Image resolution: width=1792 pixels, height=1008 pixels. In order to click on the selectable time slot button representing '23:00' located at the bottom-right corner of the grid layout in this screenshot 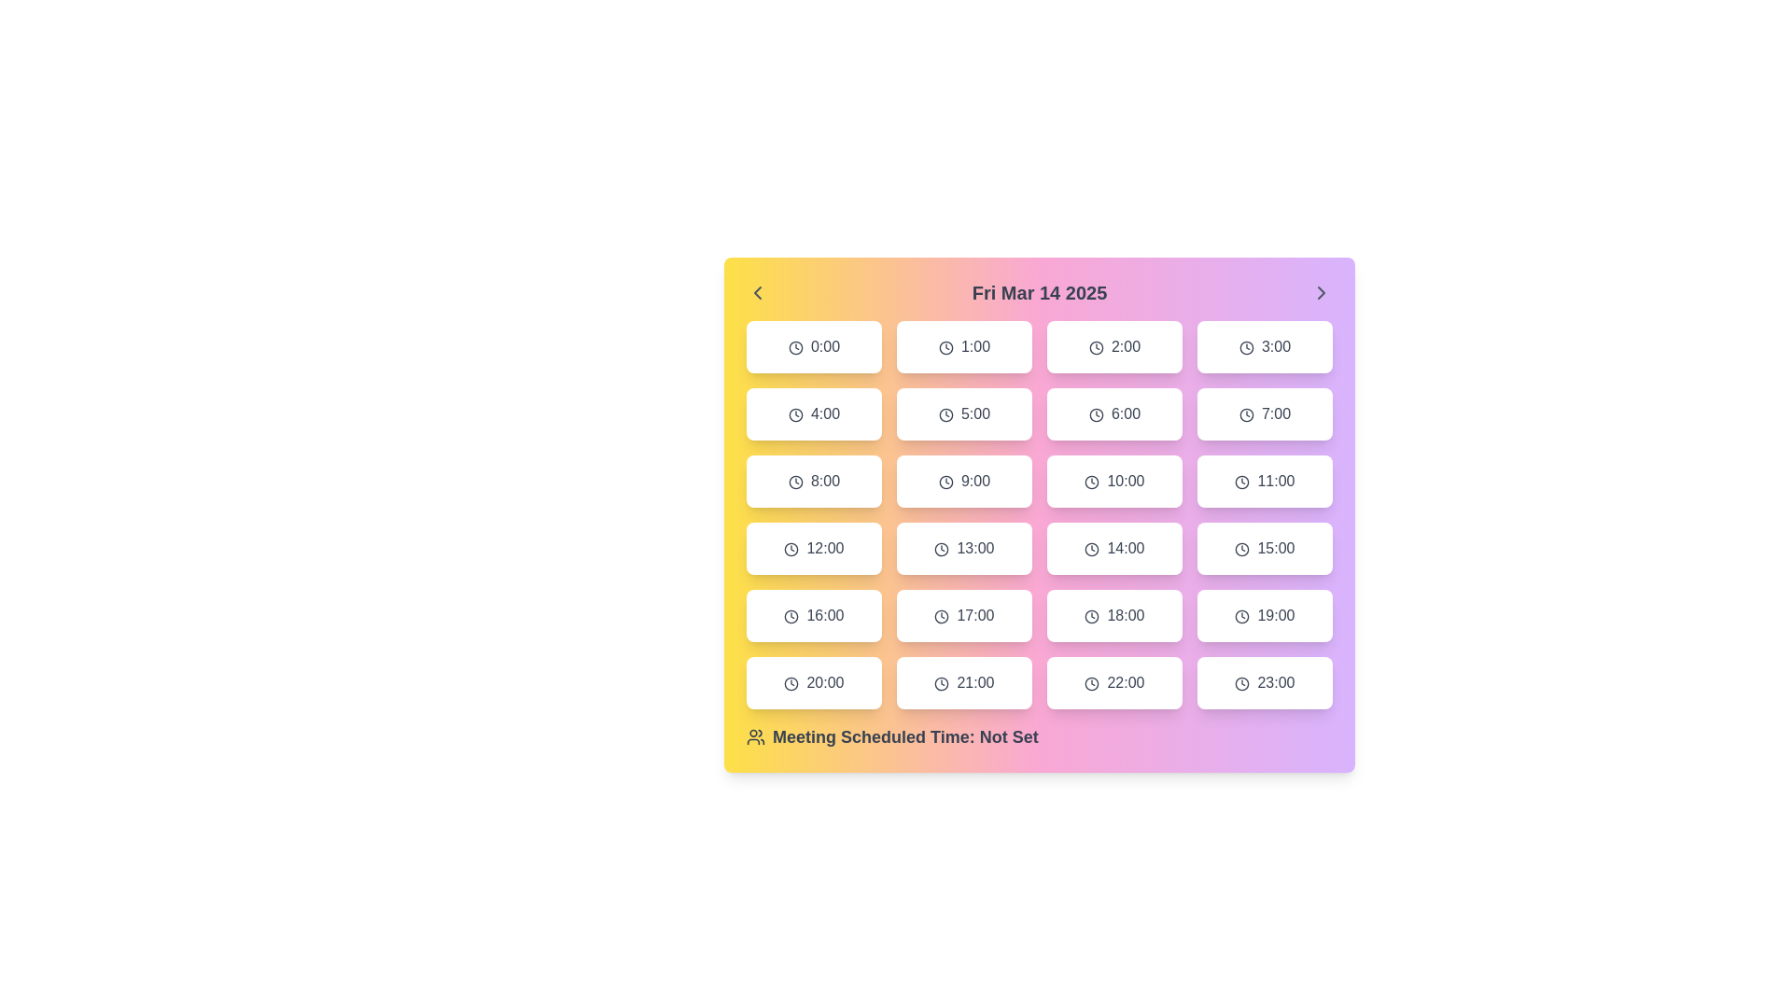, I will do `click(1265, 683)`.